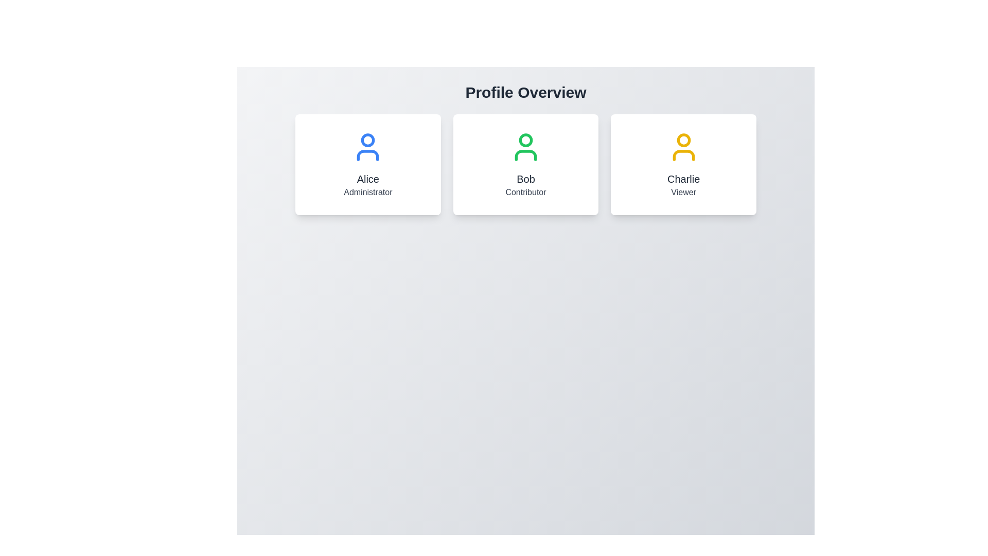 The width and height of the screenshot is (988, 556). Describe the element at coordinates (368, 178) in the screenshot. I see `the text label displaying the name 'Alice', which is styled in a larger font size with bold weight and dark gray color, positioned below the avatar icon in the first profile card` at that location.